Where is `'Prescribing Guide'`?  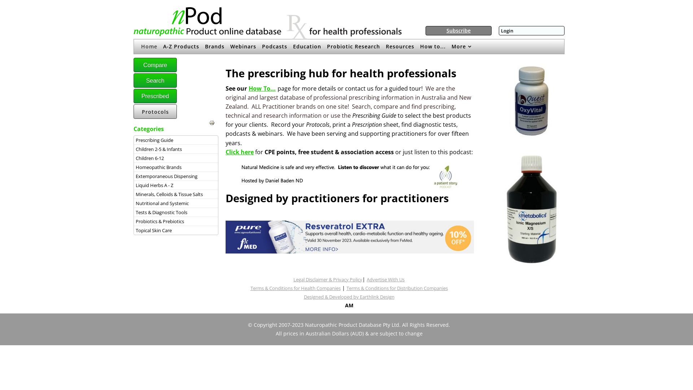 'Prescribing Guide' is located at coordinates (135, 140).